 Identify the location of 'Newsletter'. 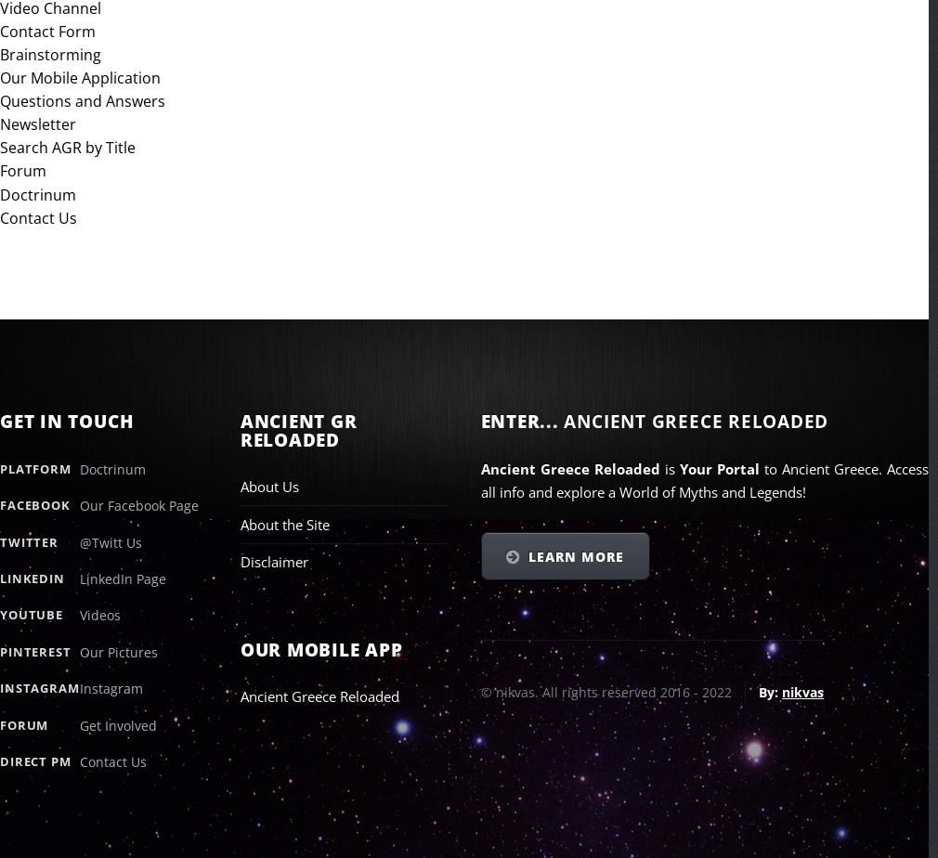
(0, 123).